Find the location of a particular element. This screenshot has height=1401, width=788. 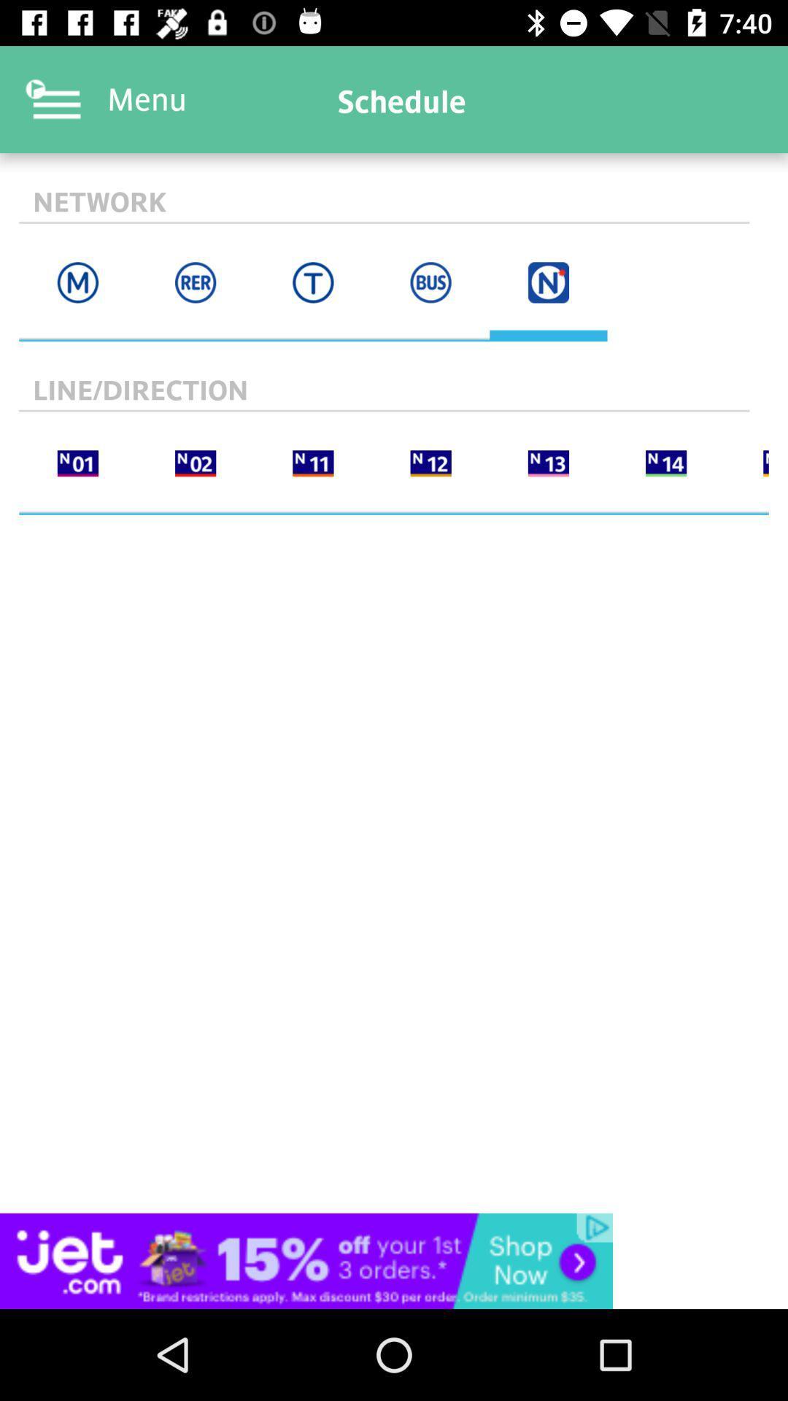

the more icon is located at coordinates (746, 463).